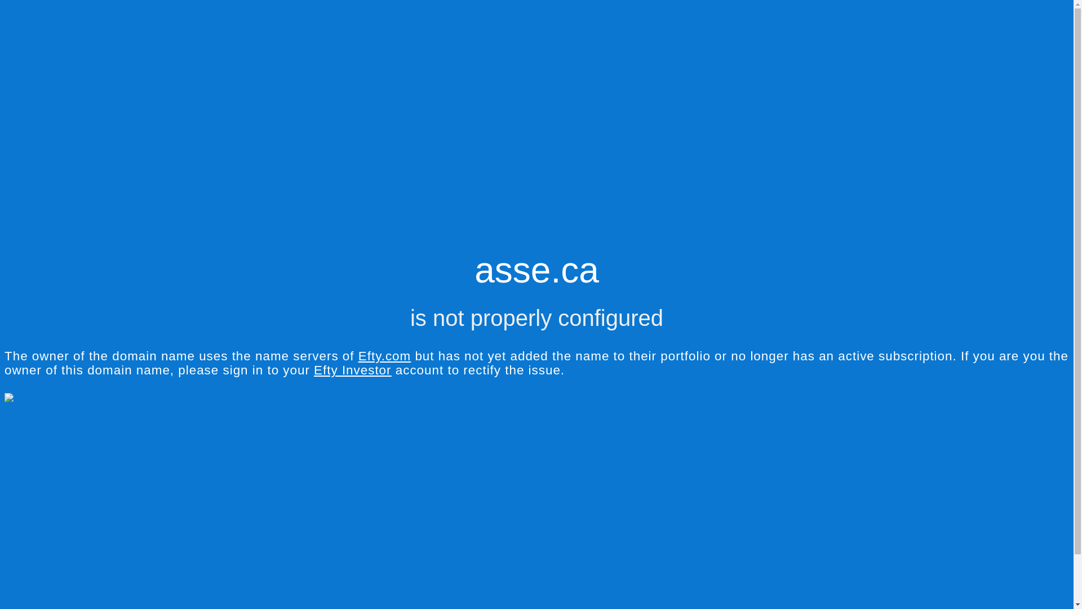  Describe the element at coordinates (384, 356) in the screenshot. I see `'Efty.com'` at that location.